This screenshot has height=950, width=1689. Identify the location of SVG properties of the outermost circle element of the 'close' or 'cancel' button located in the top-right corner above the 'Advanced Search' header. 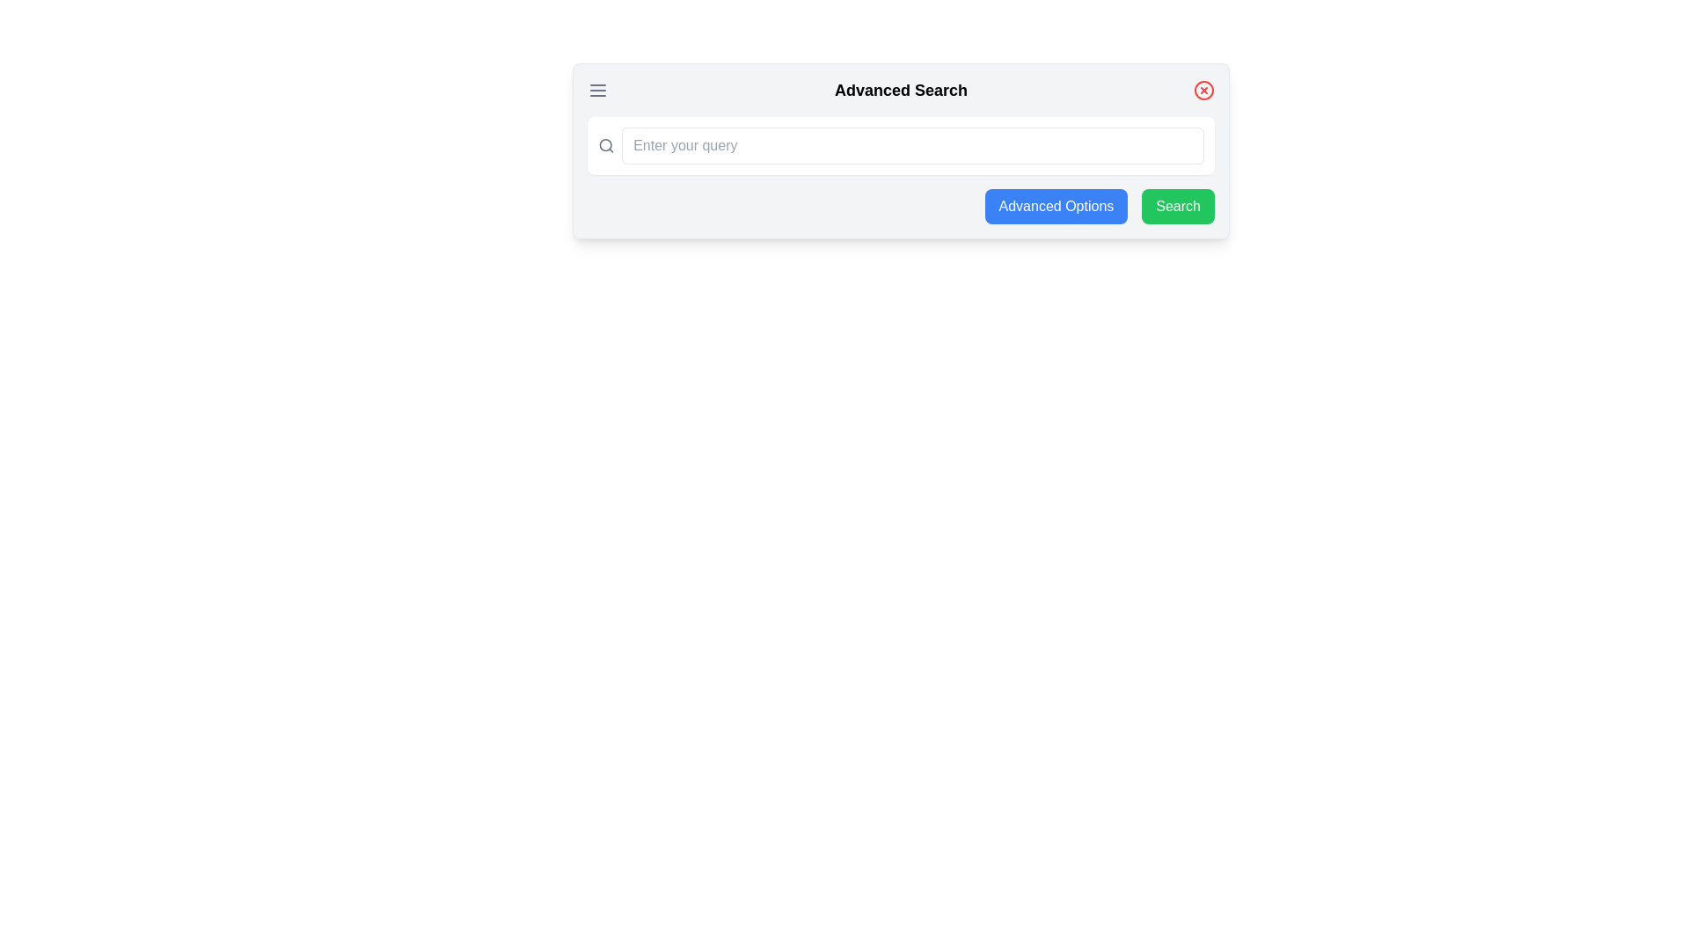
(1203, 91).